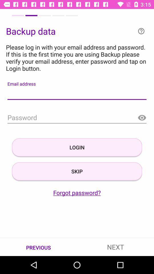  What do you see at coordinates (141, 118) in the screenshot?
I see `eye button` at bounding box center [141, 118].